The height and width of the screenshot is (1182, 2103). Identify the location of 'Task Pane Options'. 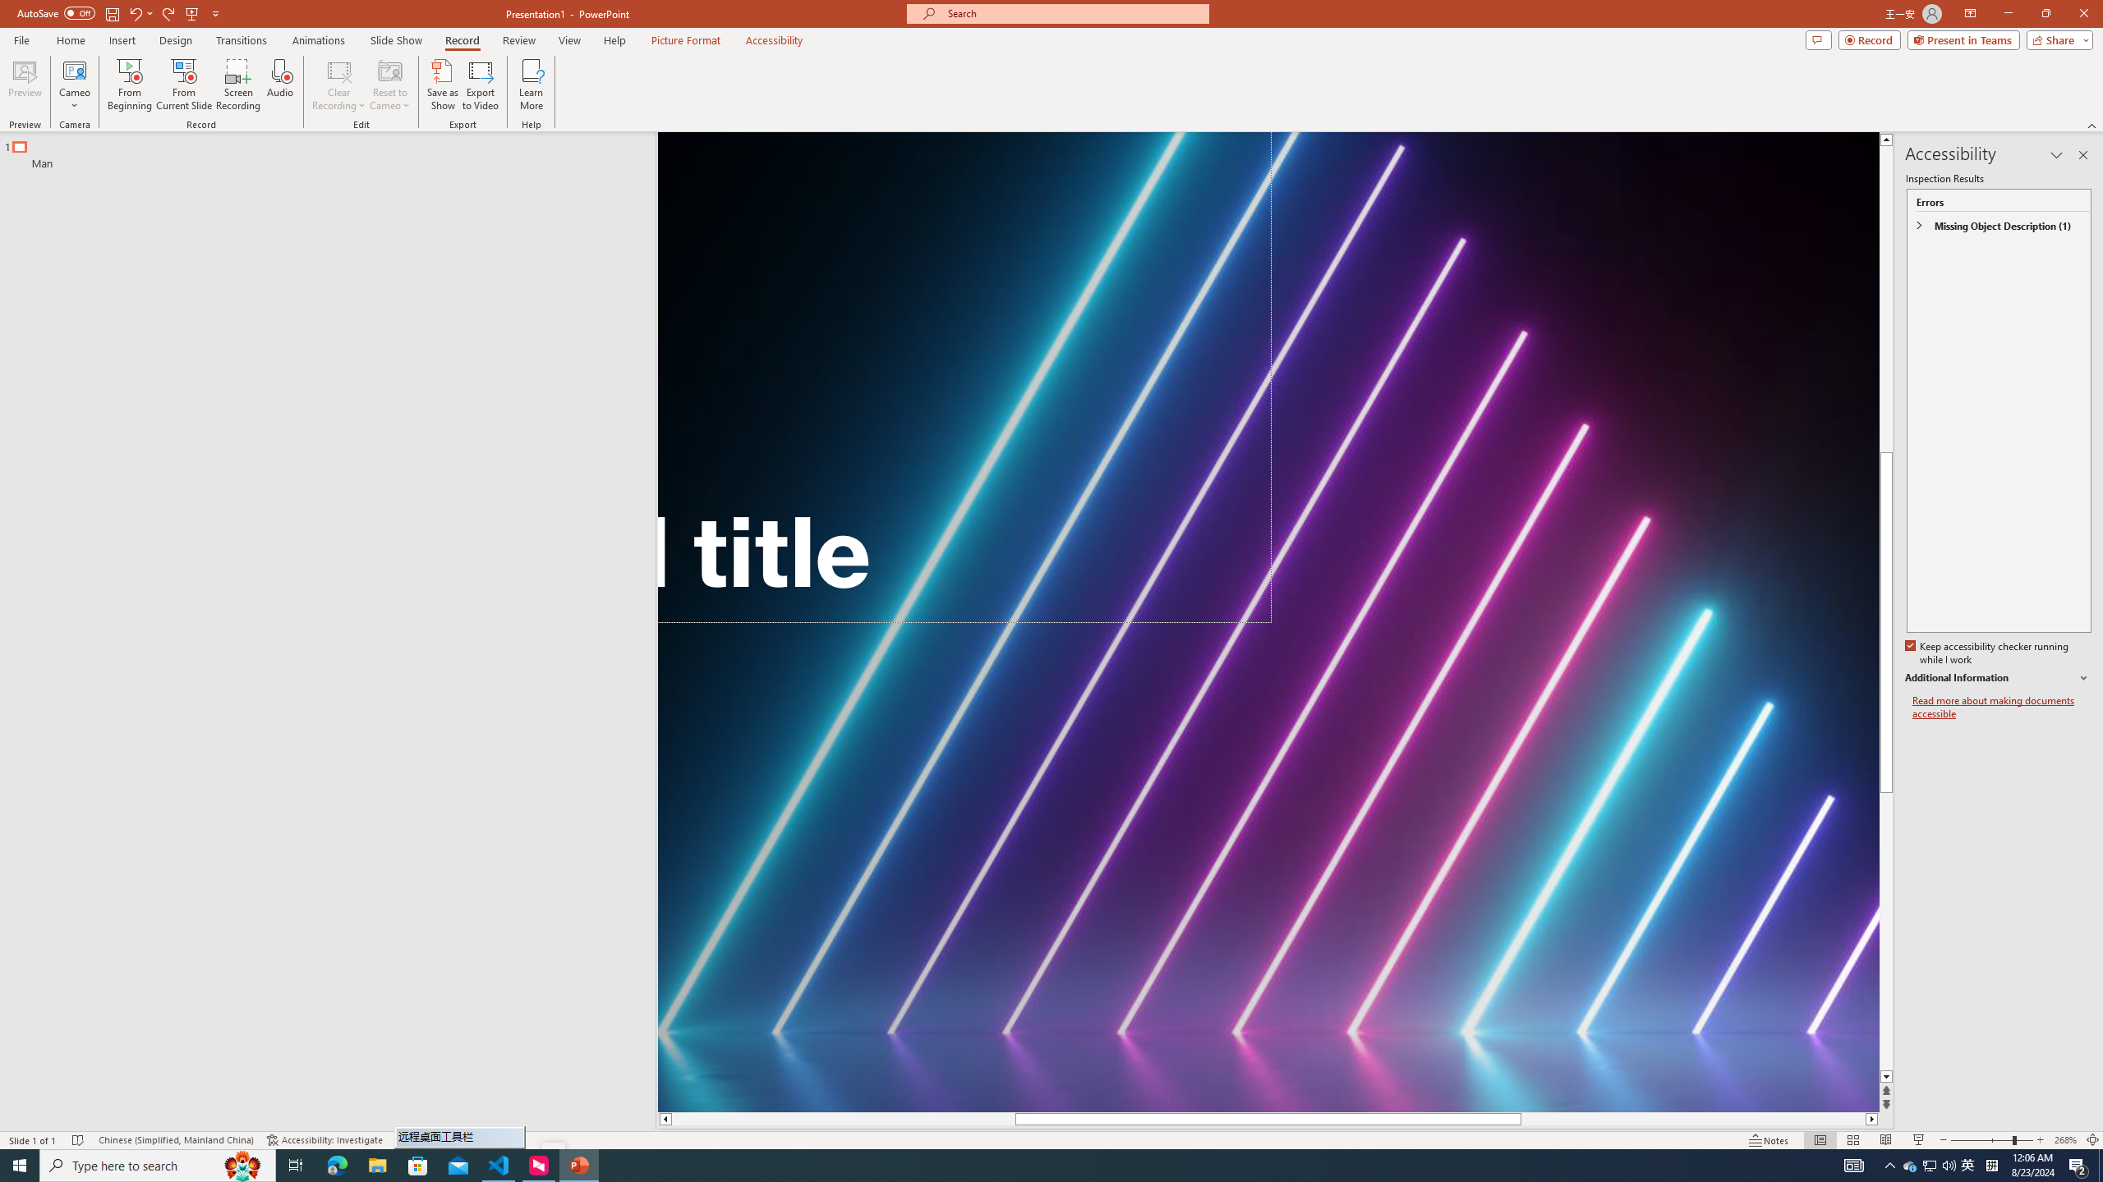
(2055, 154).